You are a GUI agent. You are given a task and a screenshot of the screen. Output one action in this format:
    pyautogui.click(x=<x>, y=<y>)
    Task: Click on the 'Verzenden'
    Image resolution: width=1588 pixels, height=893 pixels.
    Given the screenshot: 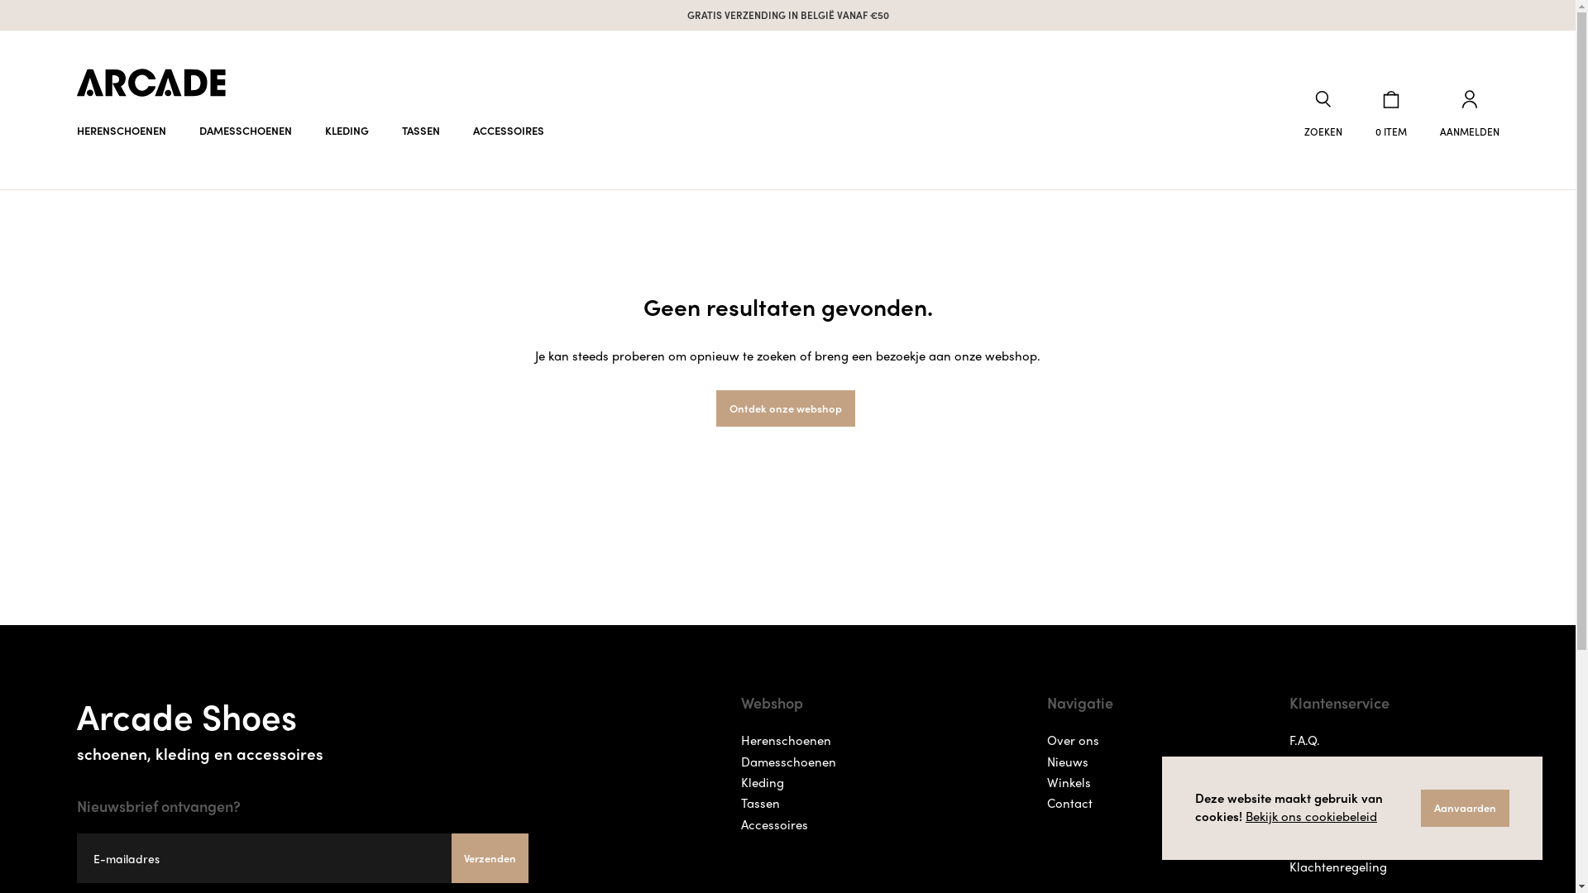 What is the action you would take?
    pyautogui.click(x=452, y=857)
    